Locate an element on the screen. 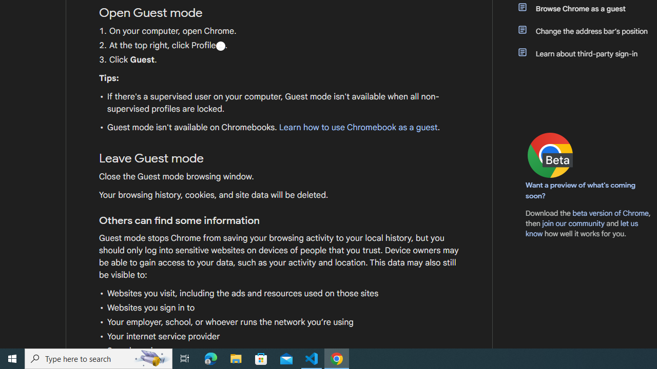  'beta version of Chrome' is located at coordinates (610, 212).